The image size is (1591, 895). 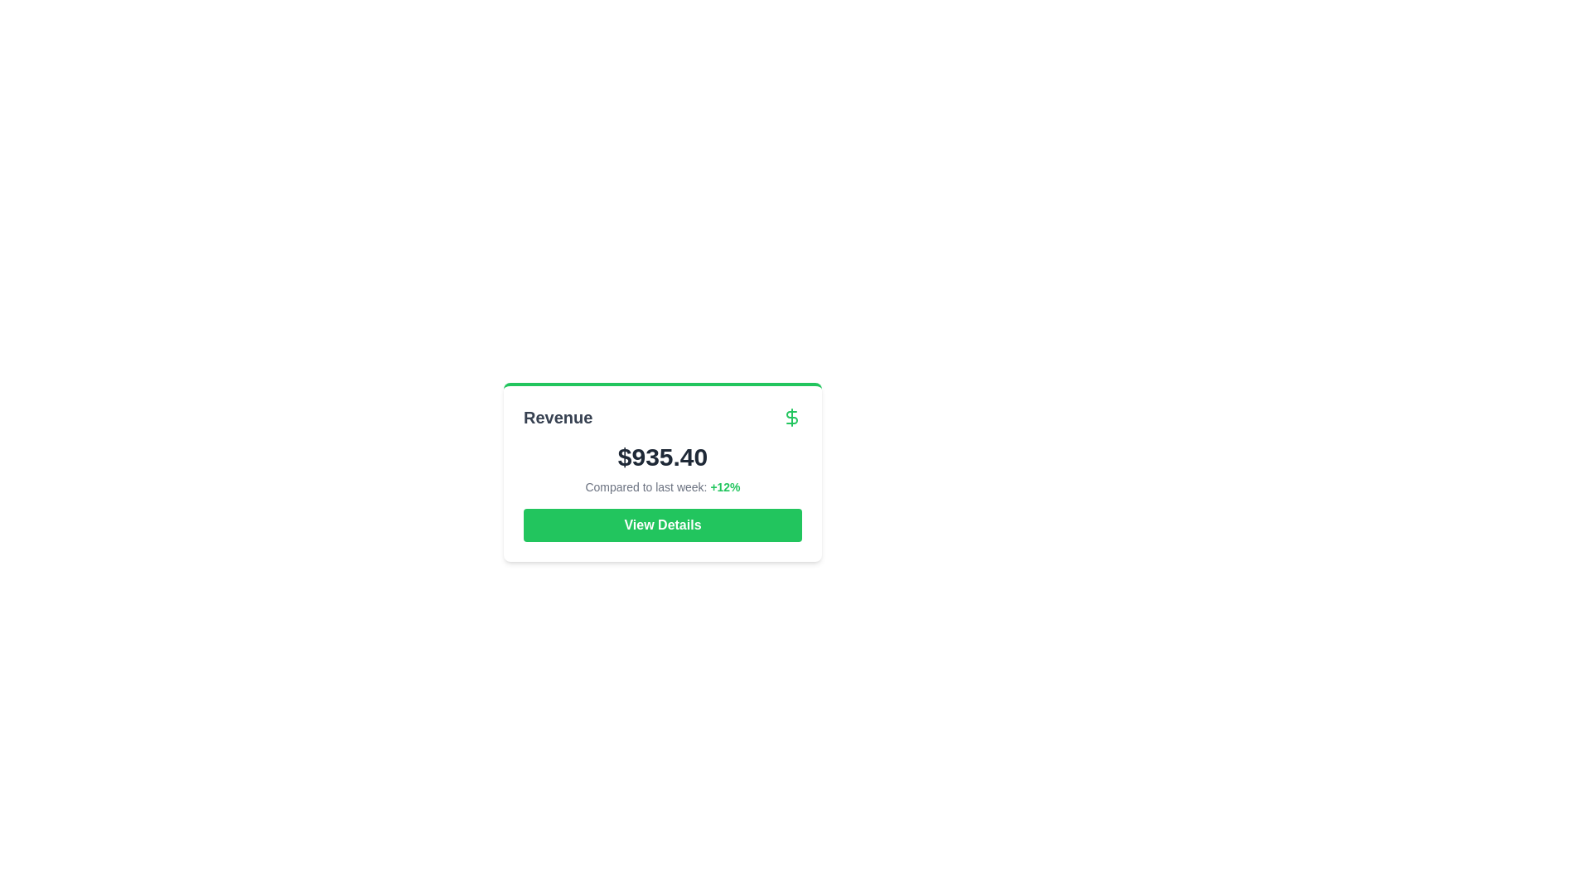 I want to click on the text label displaying '+12%' in bold green font, located to the right of 'Compared to last week', so click(x=725, y=486).